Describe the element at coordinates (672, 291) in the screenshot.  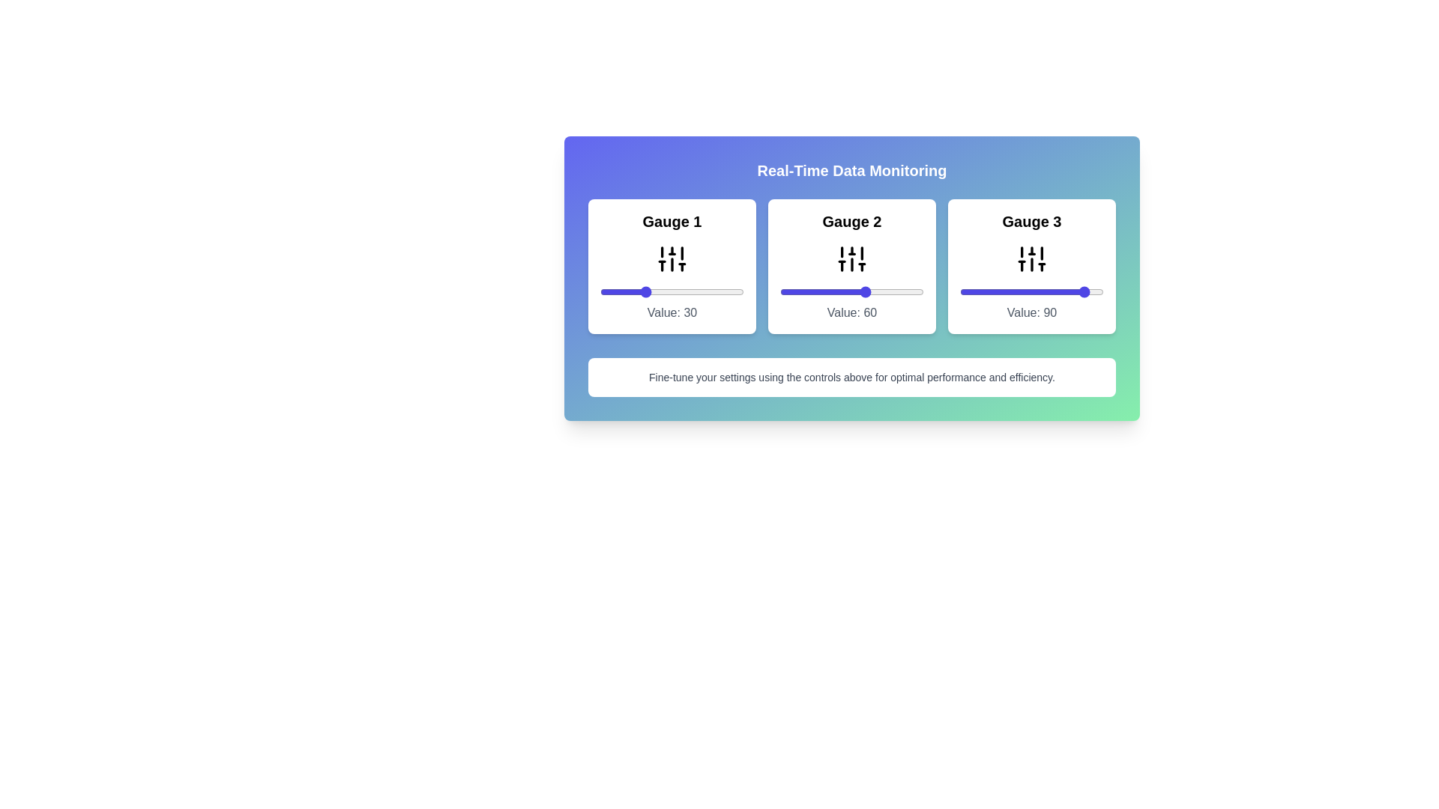
I see `the horizontal slider with an indigo thumb located near the bottom center of the 'Gauge 1' box` at that location.